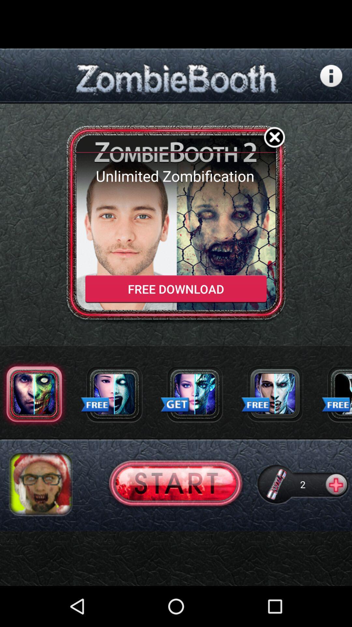 This screenshot has height=627, width=352. Describe the element at coordinates (331, 81) in the screenshot. I see `the info icon` at that location.